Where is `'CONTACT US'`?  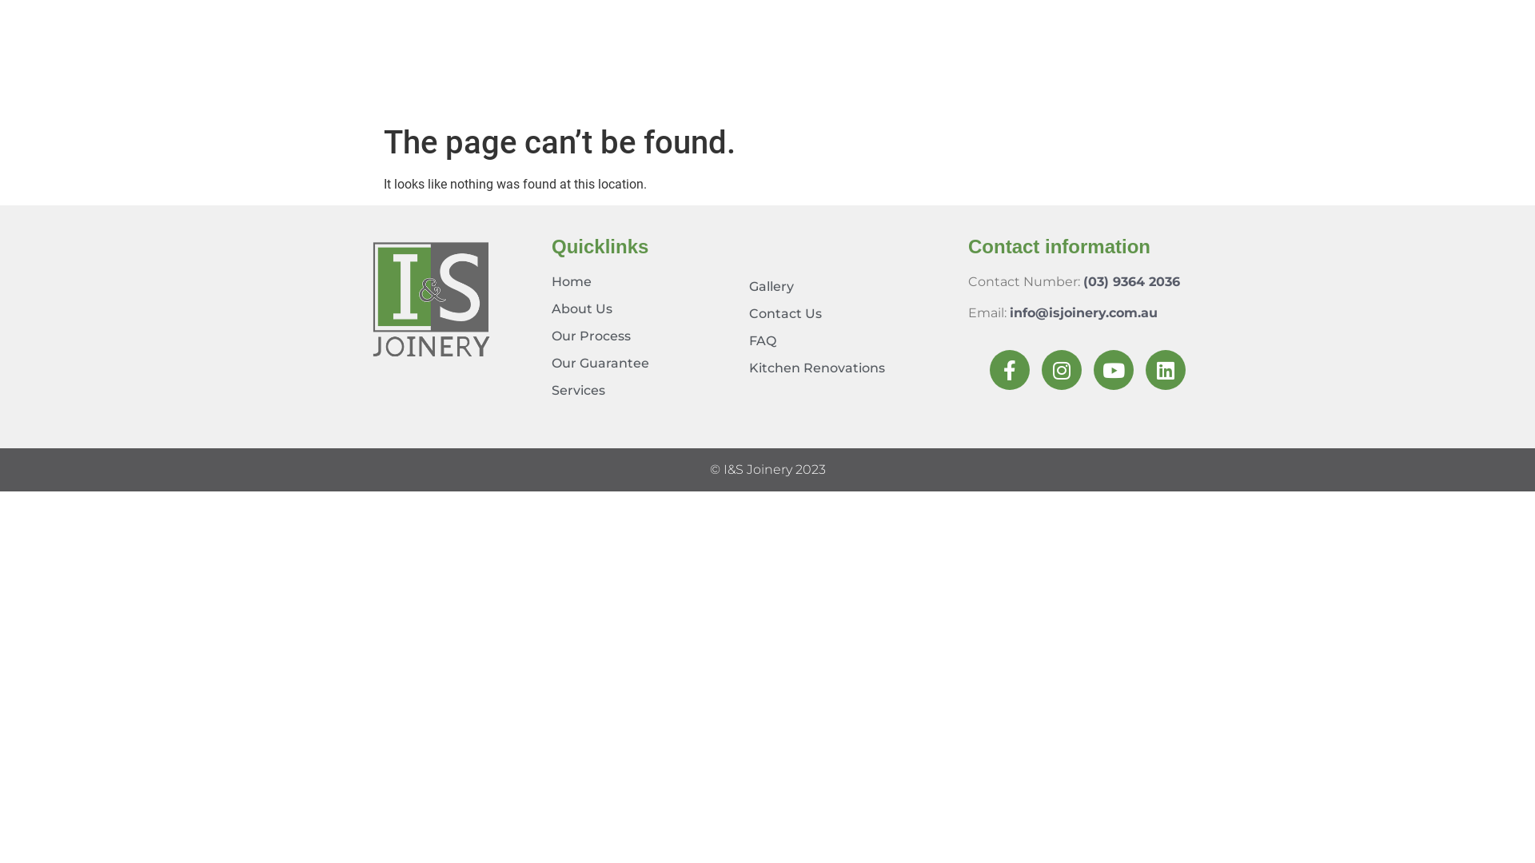
'CONTACT US' is located at coordinates (1220, 82).